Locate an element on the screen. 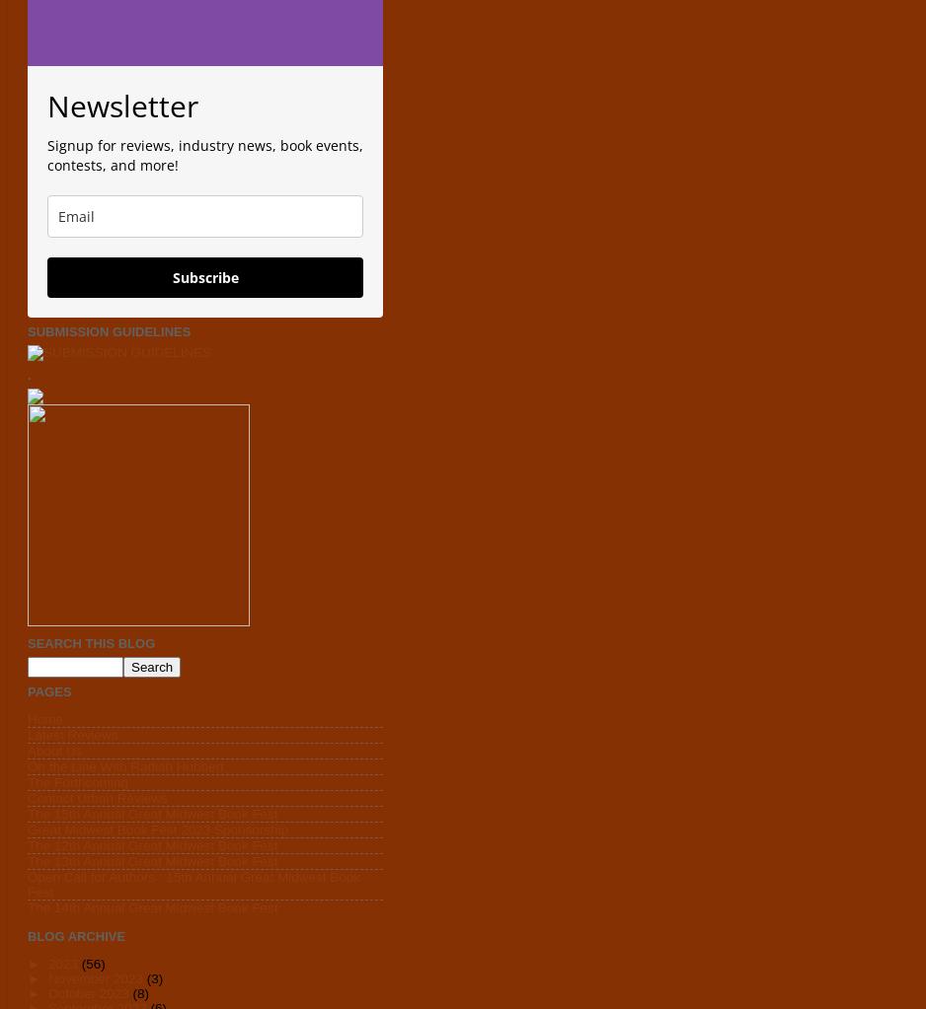  'Subscribe' is located at coordinates (204, 276).